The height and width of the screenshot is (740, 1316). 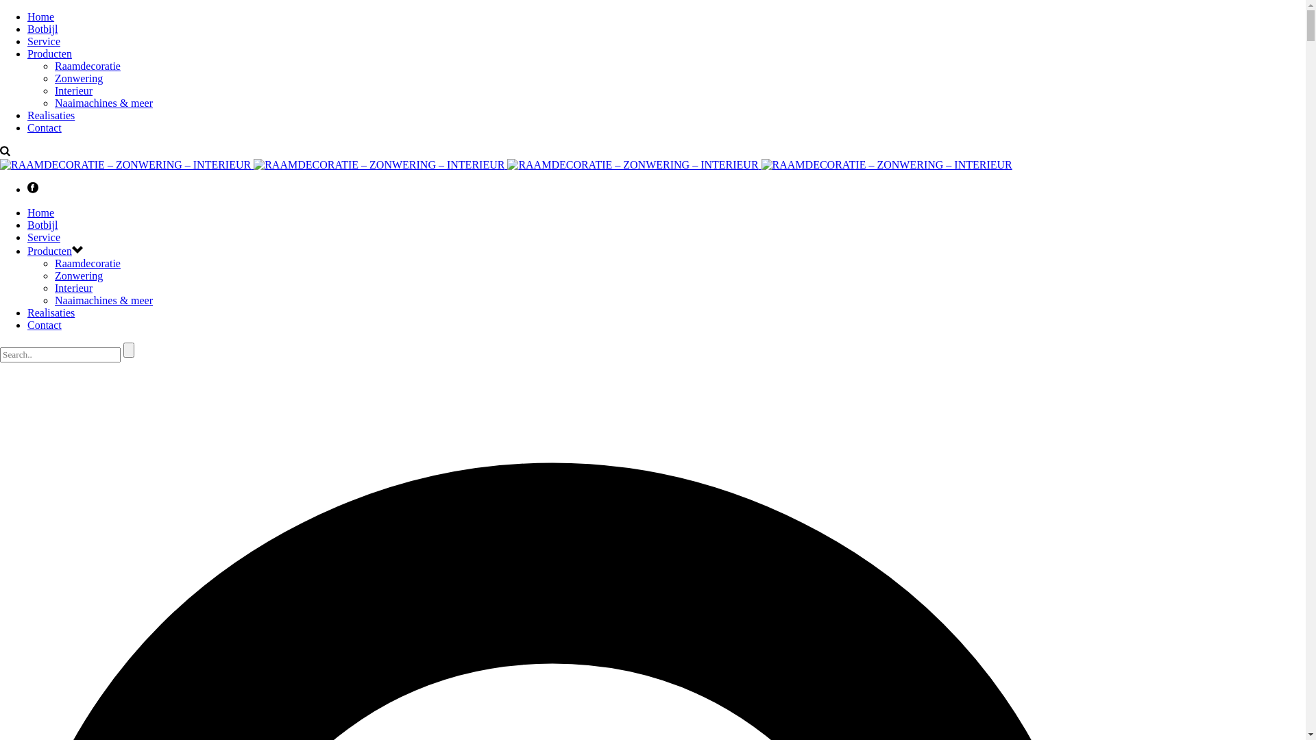 What do you see at coordinates (51, 312) in the screenshot?
I see `'Realisaties'` at bounding box center [51, 312].